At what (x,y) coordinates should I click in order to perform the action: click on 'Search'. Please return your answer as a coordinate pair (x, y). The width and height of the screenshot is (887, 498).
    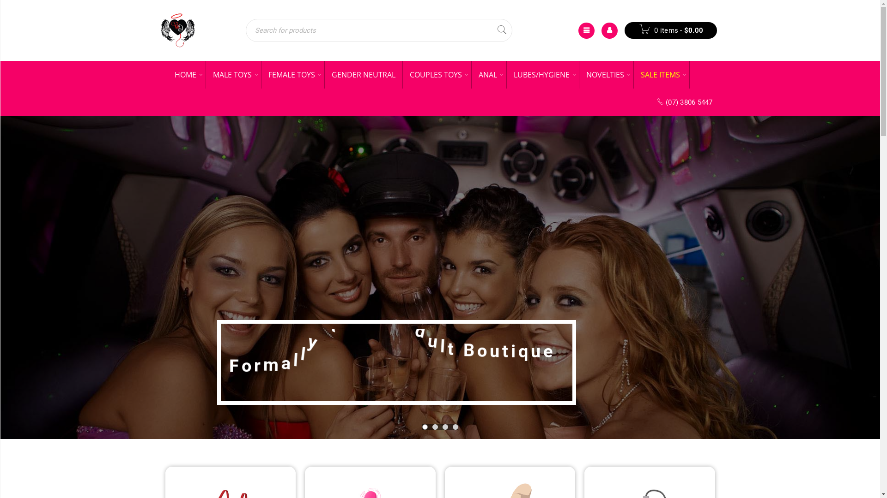
    Looking at the image, I should click on (501, 30).